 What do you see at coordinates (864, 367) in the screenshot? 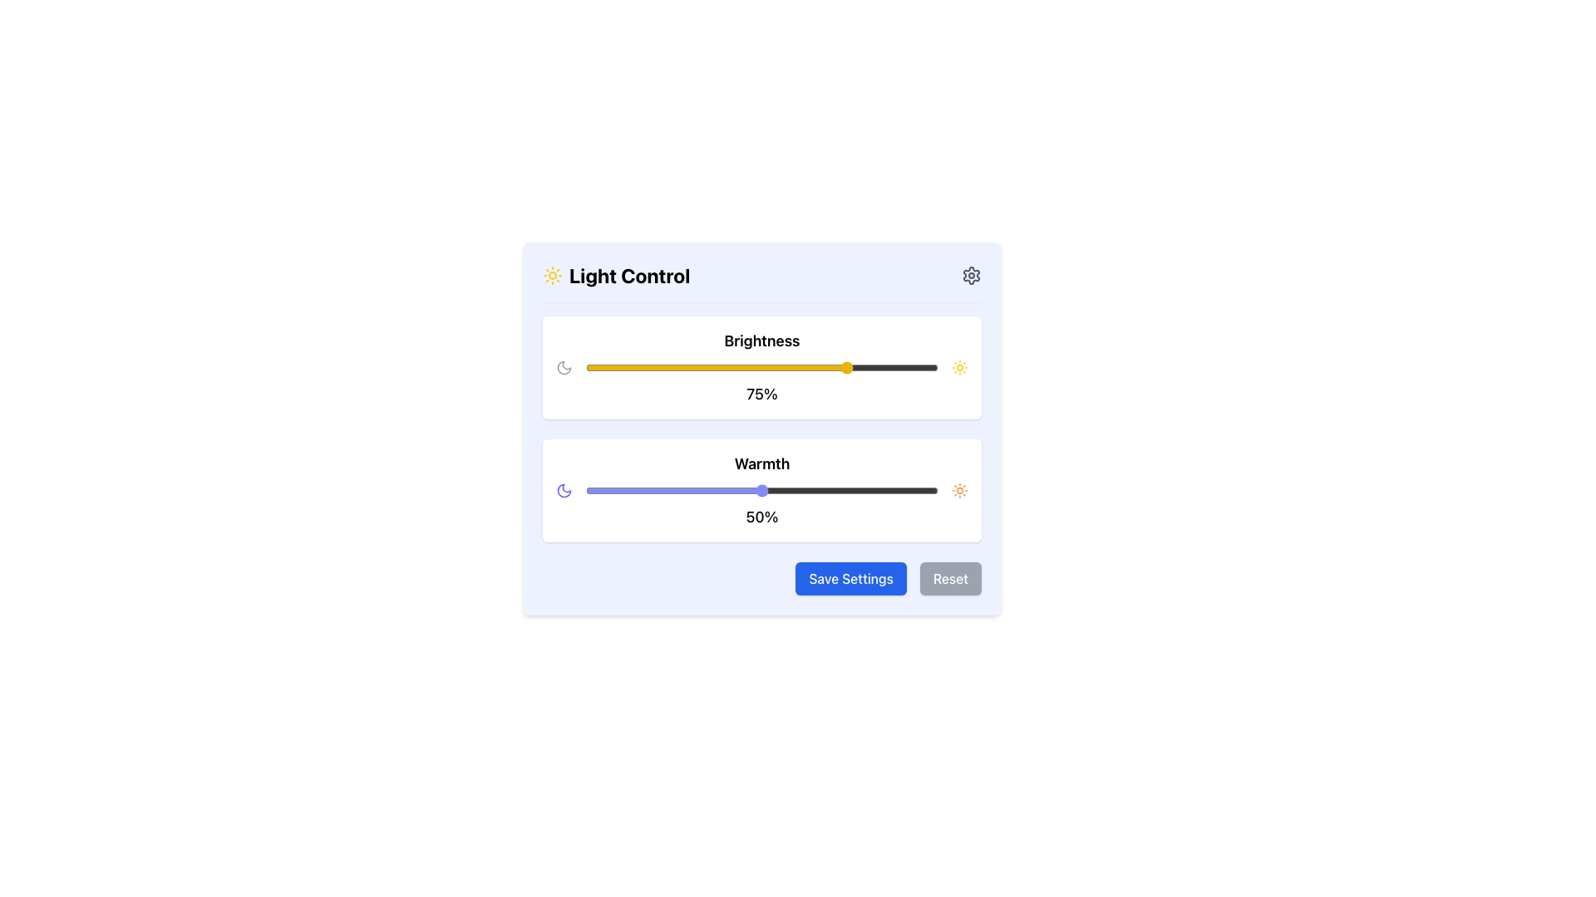
I see `brightness` at bounding box center [864, 367].